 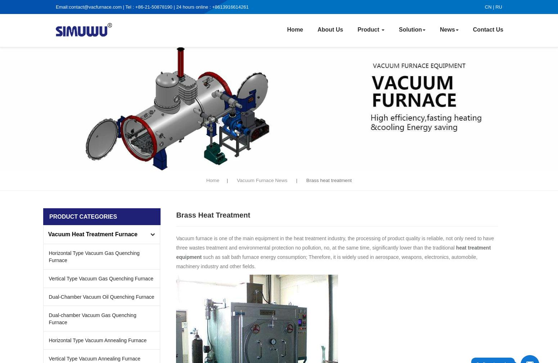 I want to click on 'PRODUCT CATEGORIES', so click(x=82, y=216).